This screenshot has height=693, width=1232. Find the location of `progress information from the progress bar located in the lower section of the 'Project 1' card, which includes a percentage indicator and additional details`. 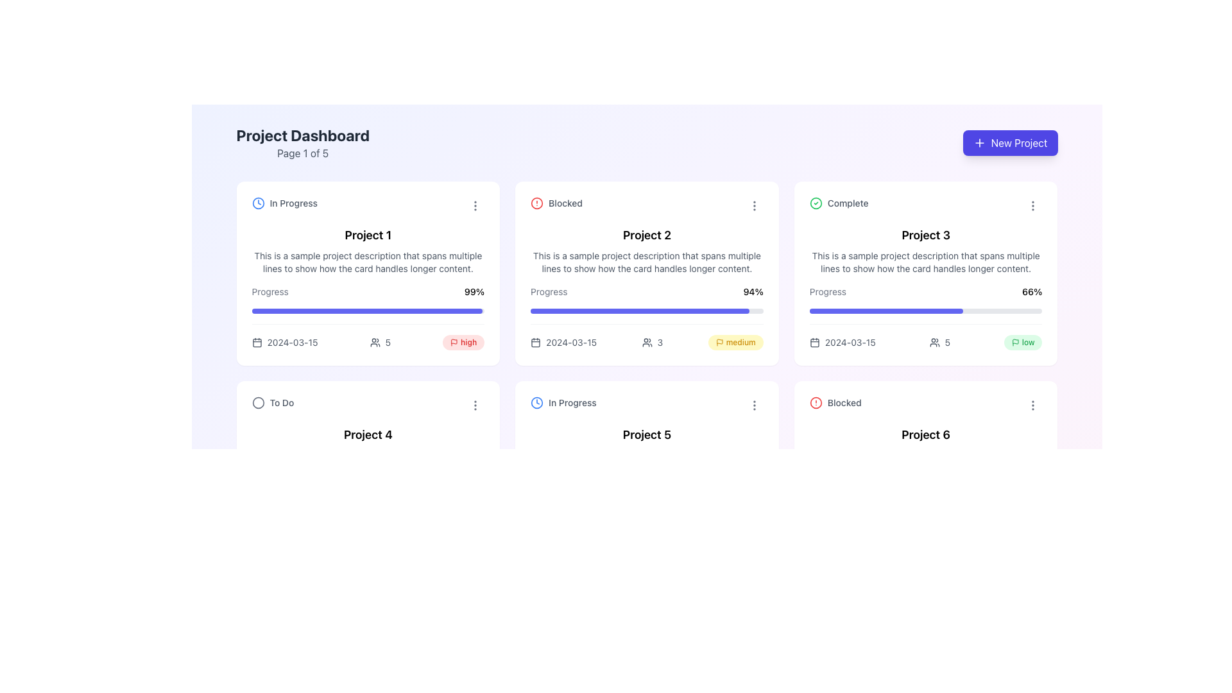

progress information from the progress bar located in the lower section of the 'Project 1' card, which includes a percentage indicator and additional details is located at coordinates (367, 318).